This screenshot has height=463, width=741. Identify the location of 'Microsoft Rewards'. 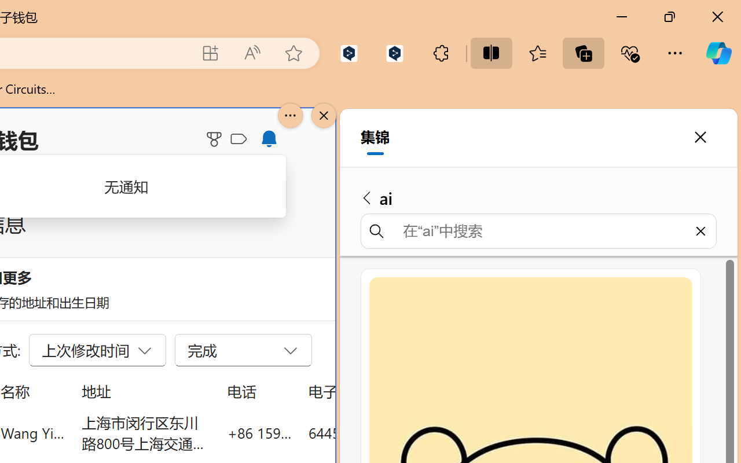
(216, 138).